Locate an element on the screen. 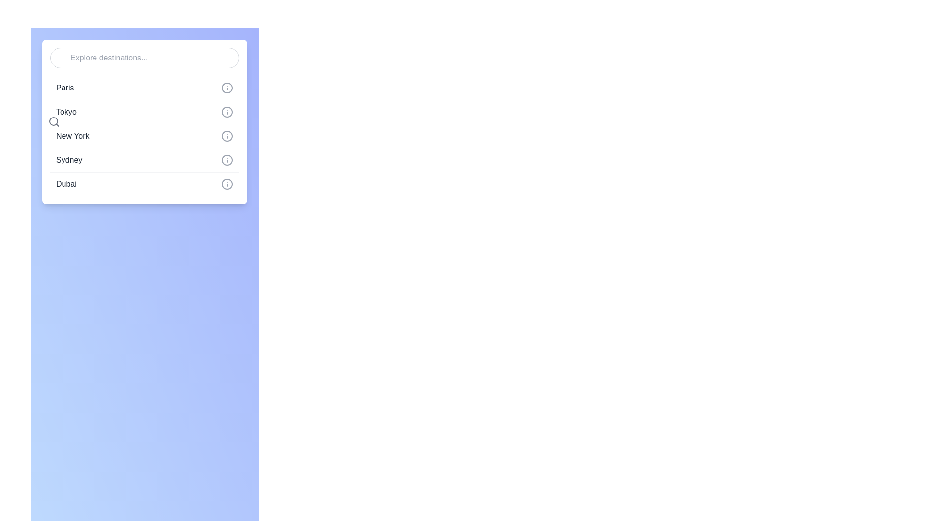 The image size is (945, 531). the circular information icon with a gray outline located to the right of the 'New York' text in the third row of the dropdown menu is located at coordinates (226, 136).